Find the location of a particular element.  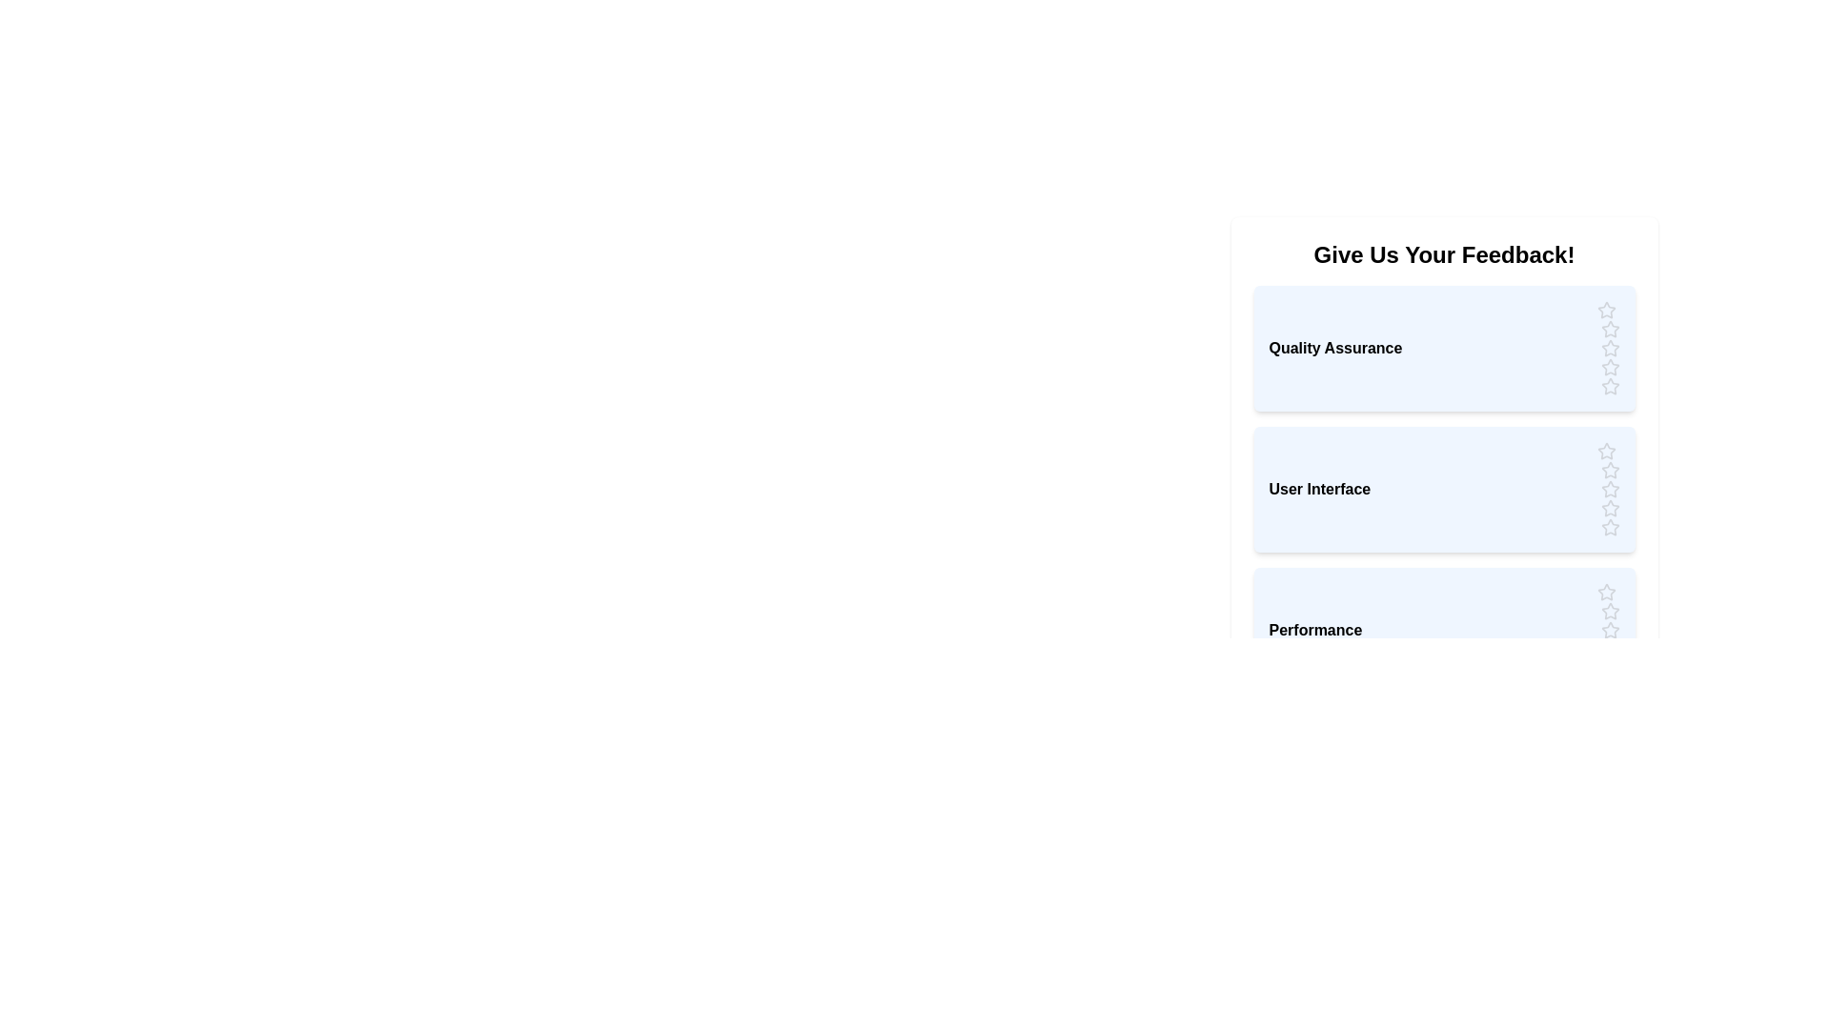

the rating for the category 'User Interface' to 3 stars is located at coordinates (1609, 488).